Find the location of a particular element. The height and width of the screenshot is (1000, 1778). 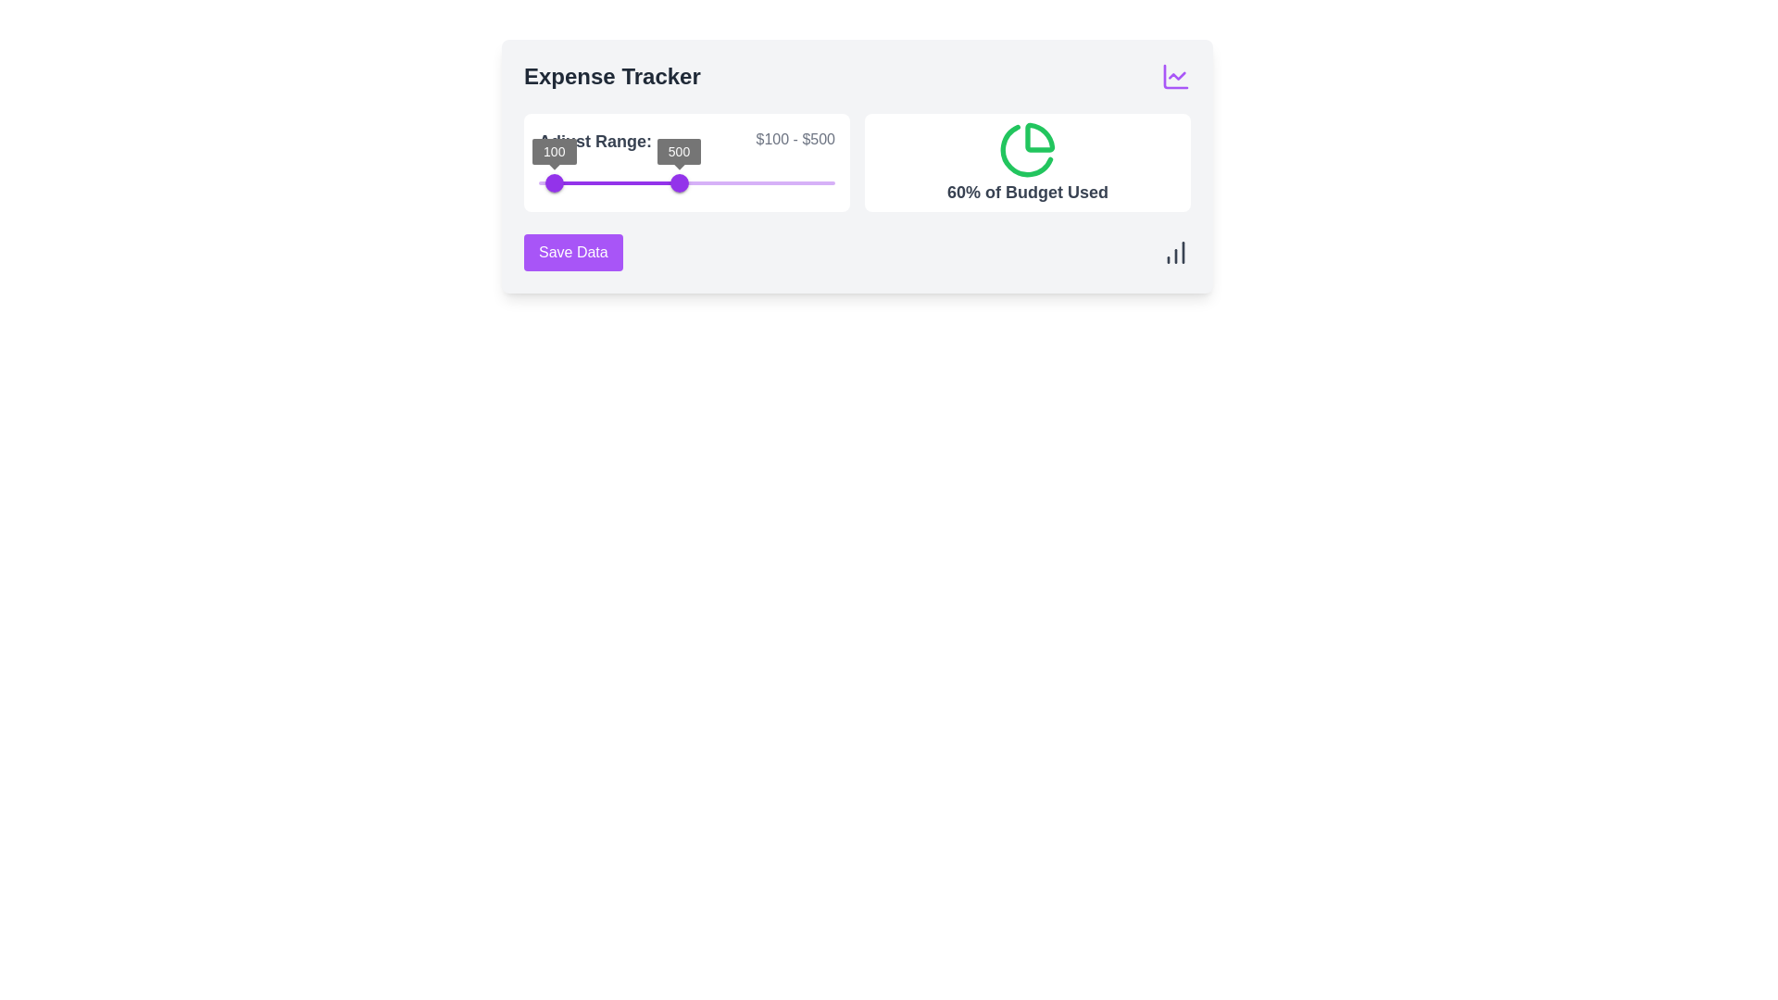

the upper-right segment of the pie chart representing 60% of budget used, which is a decorative element in a budget usage card is located at coordinates (1040, 136).